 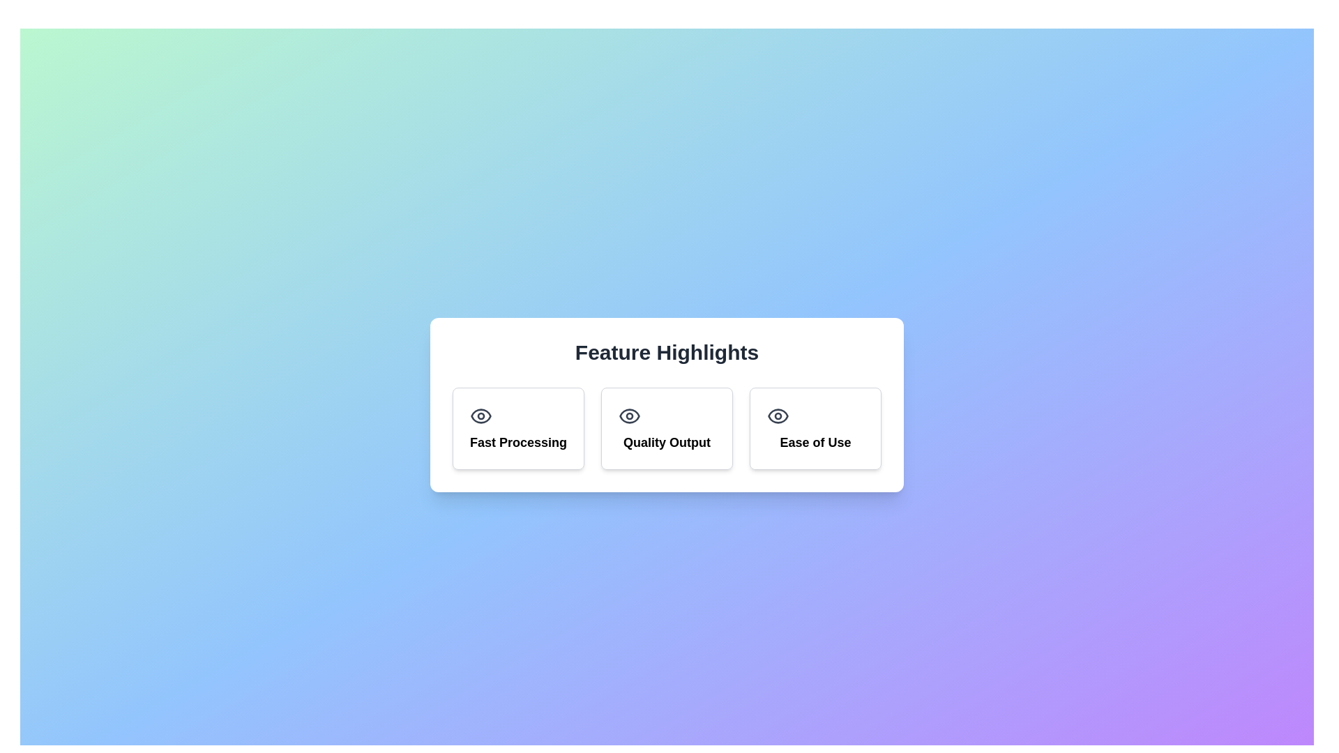 I want to click on the eye icon located in the 'Feature Highlights' section, which is associated with the 'Ease of Use' label, so click(x=778, y=416).